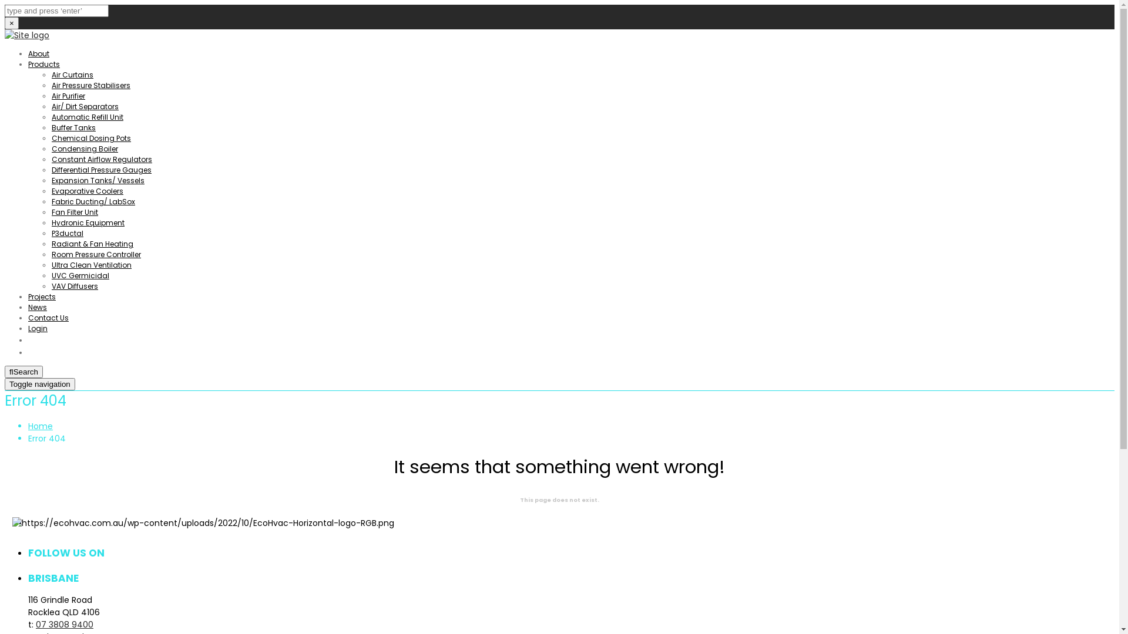 This screenshot has width=1128, height=634. What do you see at coordinates (28, 53) in the screenshot?
I see `'About'` at bounding box center [28, 53].